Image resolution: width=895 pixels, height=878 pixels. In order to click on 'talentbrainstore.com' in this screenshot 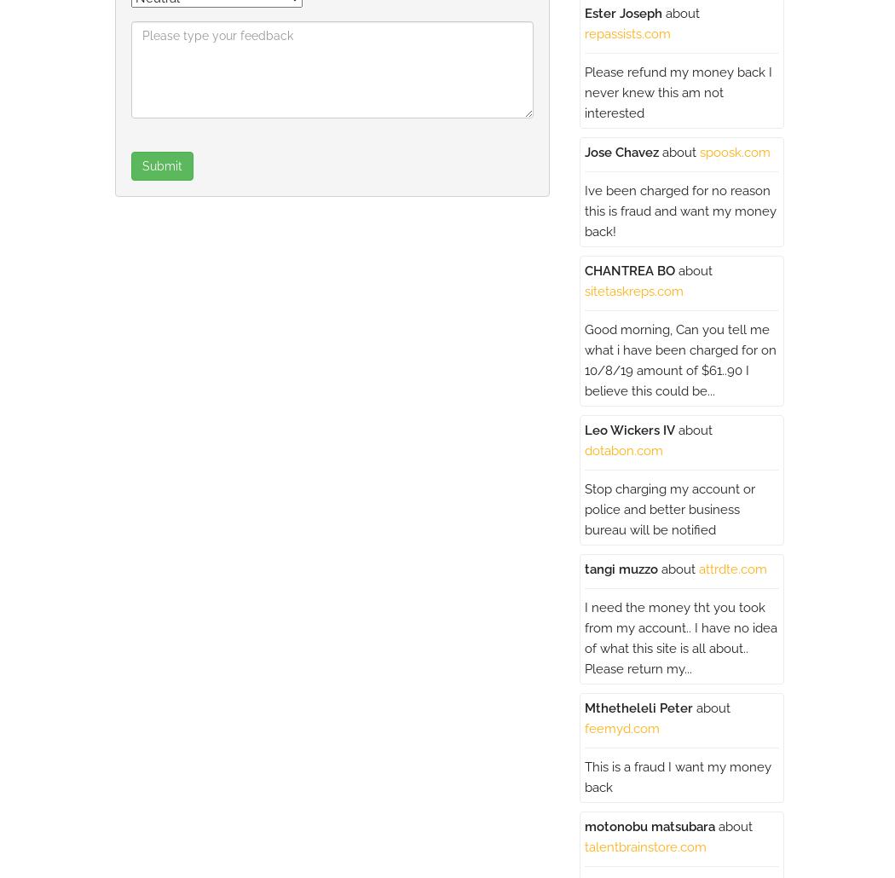, I will do `click(644, 846)`.